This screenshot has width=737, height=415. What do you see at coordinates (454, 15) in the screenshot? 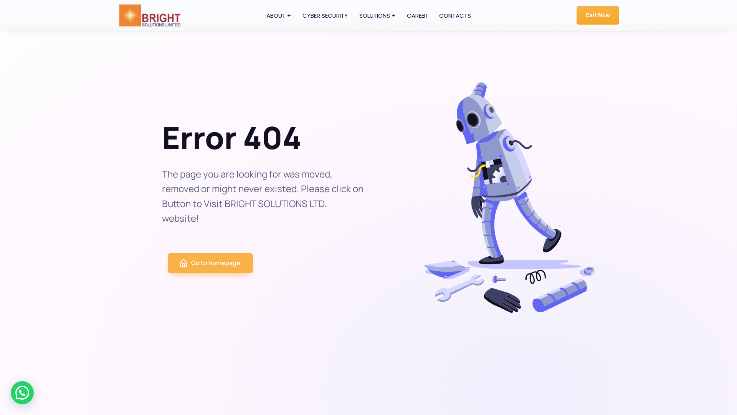
I see `'CONTACTS'` at bounding box center [454, 15].